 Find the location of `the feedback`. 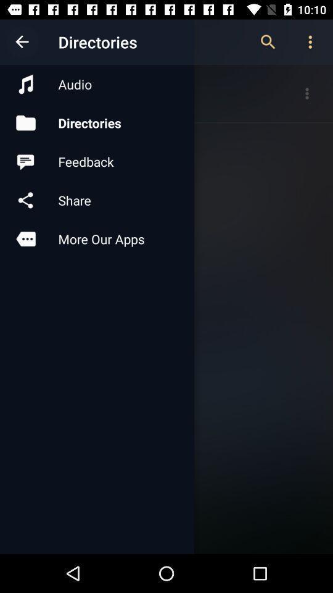

the feedback is located at coordinates (96, 161).